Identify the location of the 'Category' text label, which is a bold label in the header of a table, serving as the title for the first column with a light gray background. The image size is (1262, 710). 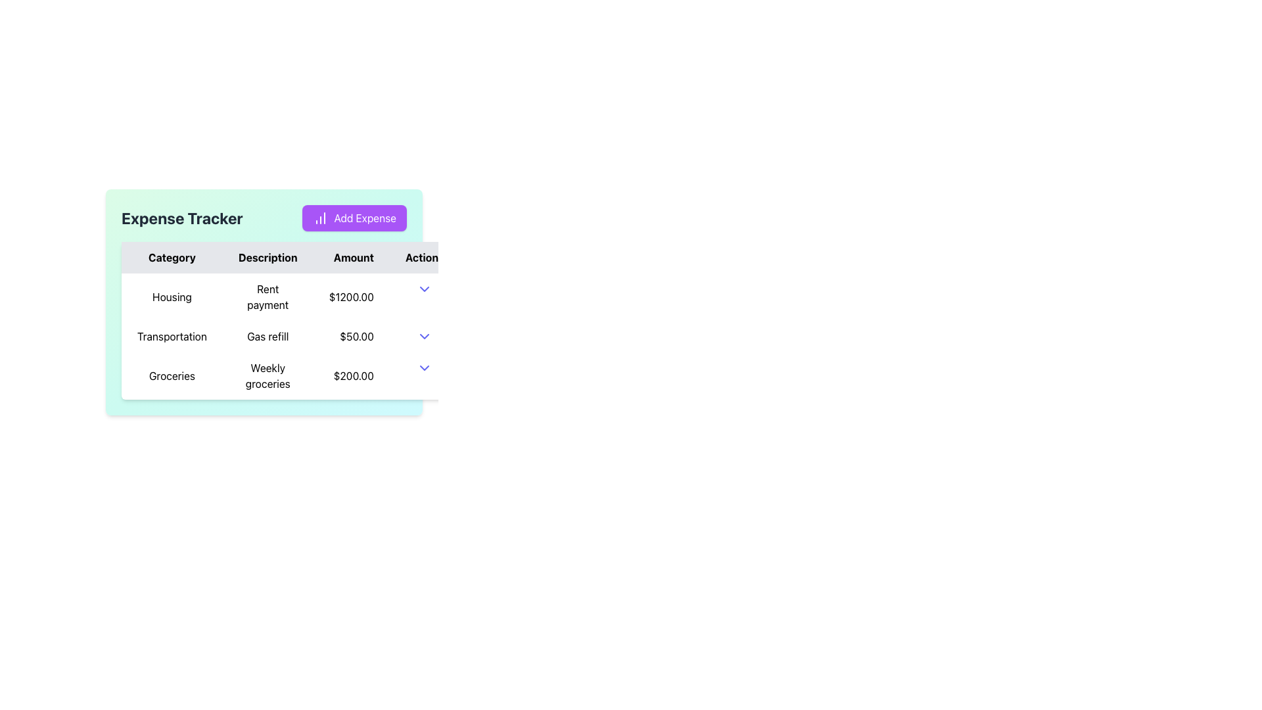
(171, 258).